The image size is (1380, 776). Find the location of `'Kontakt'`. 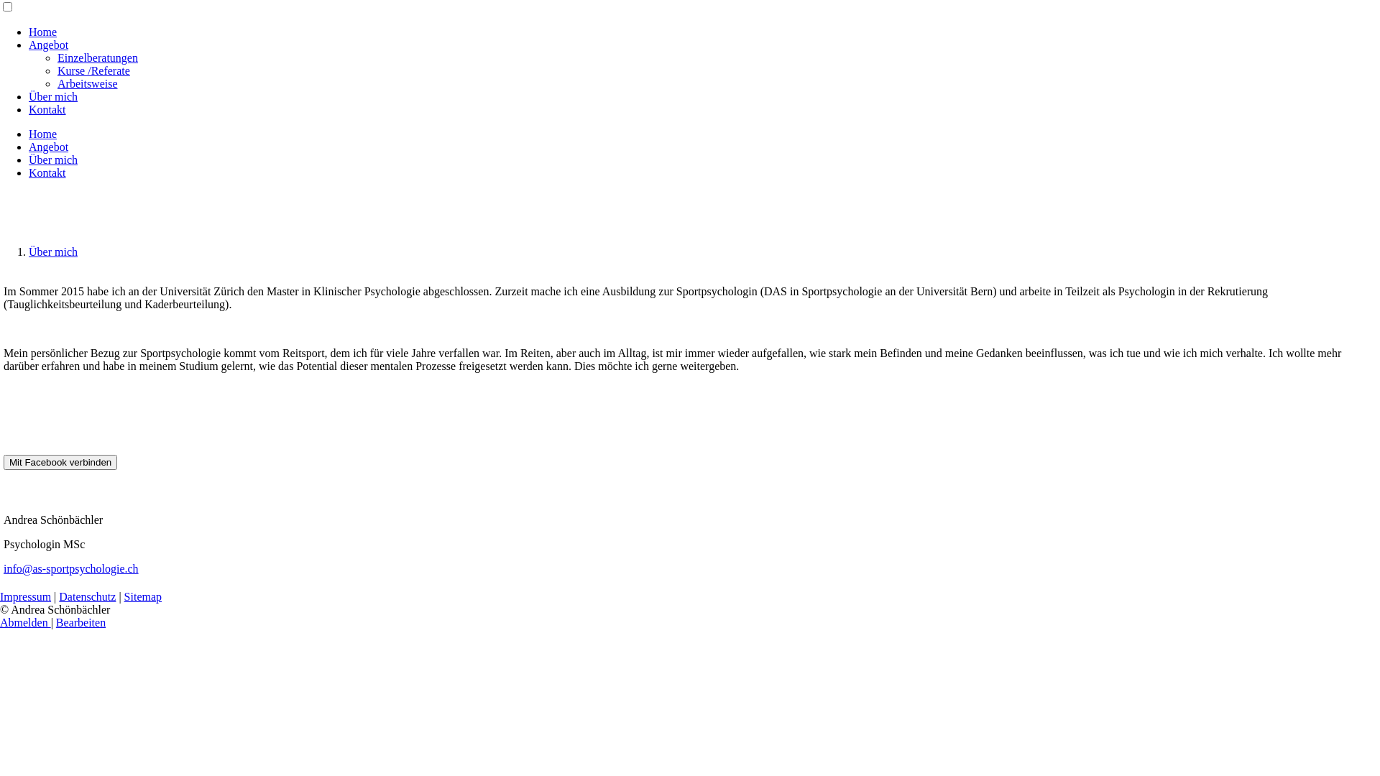

'Kontakt' is located at coordinates (28, 172).